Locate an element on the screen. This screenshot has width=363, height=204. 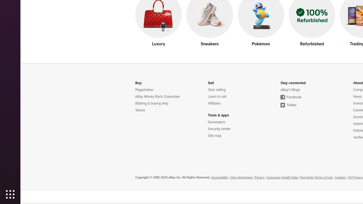
'Show Applications' is located at coordinates (10, 194).